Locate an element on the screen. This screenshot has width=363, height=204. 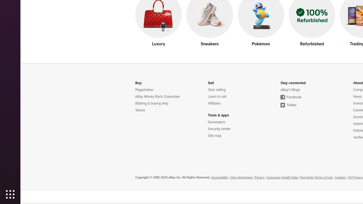
'Show Applications' is located at coordinates (10, 194).